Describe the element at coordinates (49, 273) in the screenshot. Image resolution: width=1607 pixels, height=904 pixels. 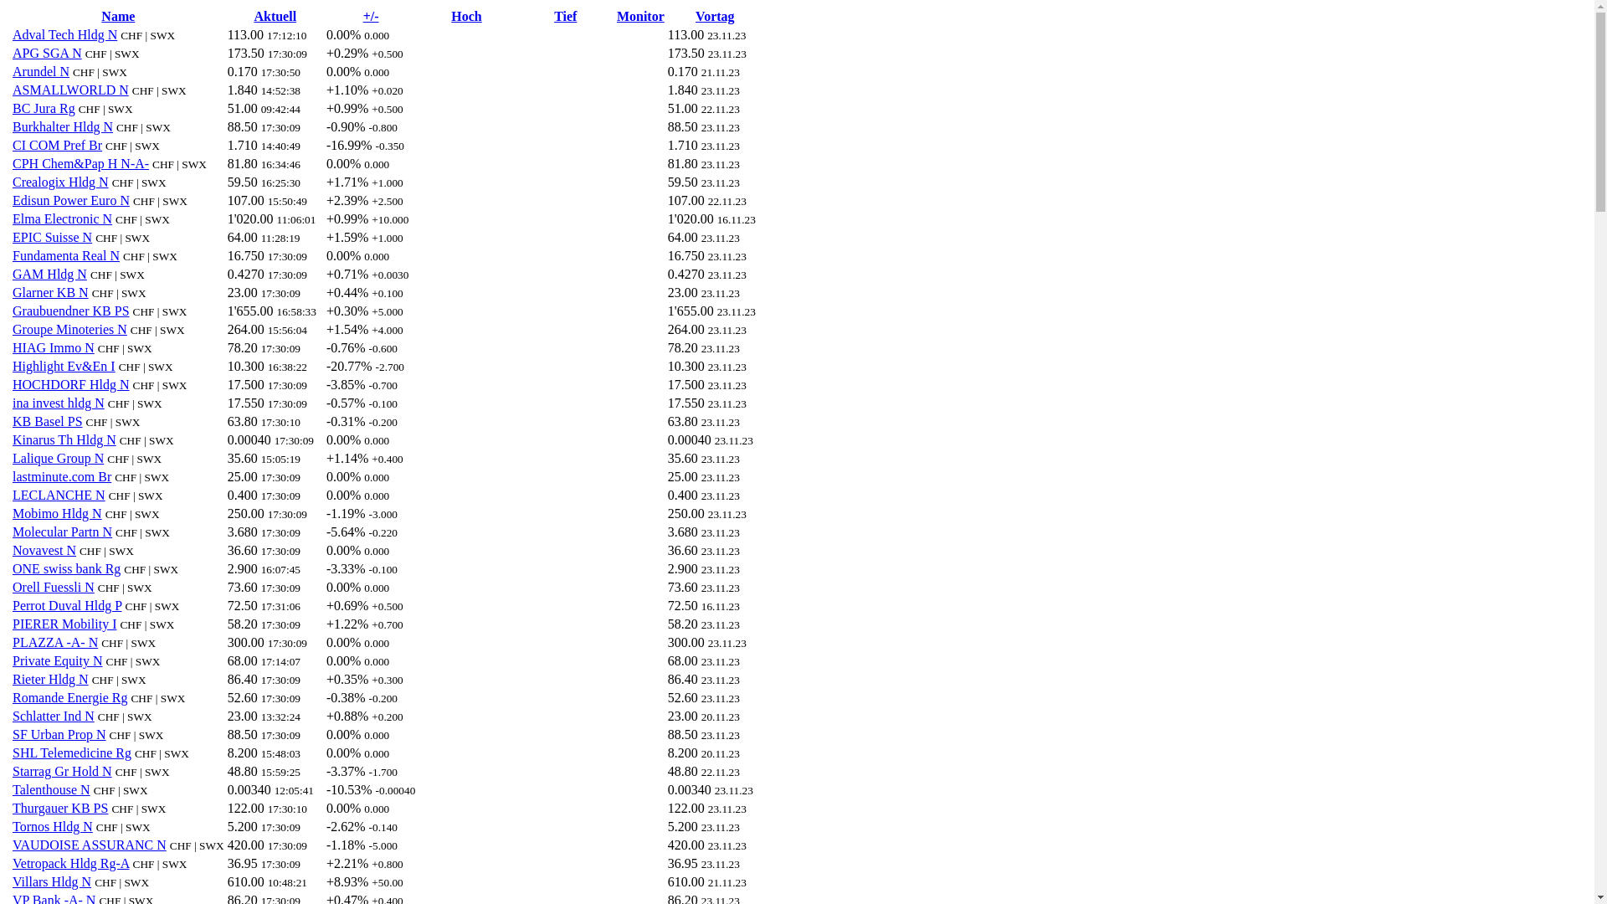
I see `'GAM Hldg N'` at that location.